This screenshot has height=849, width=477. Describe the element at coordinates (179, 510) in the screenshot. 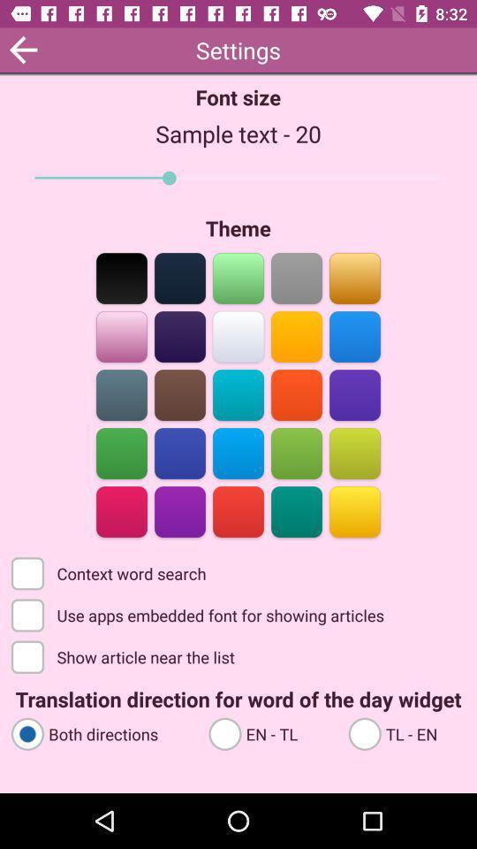

I see `new theme color` at that location.